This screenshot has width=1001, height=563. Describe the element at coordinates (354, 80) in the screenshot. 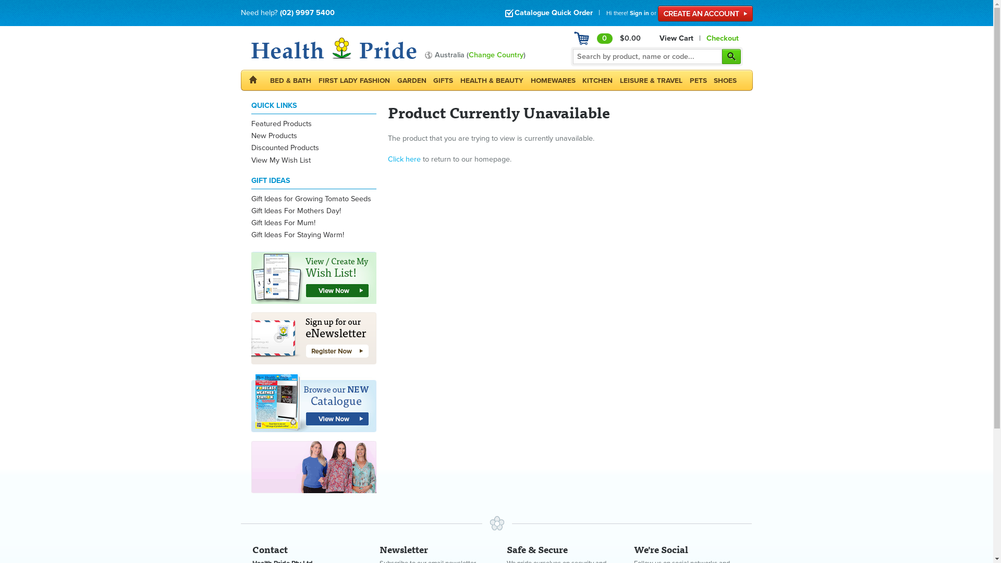

I see `'FIRST LADY FASHION'` at that location.